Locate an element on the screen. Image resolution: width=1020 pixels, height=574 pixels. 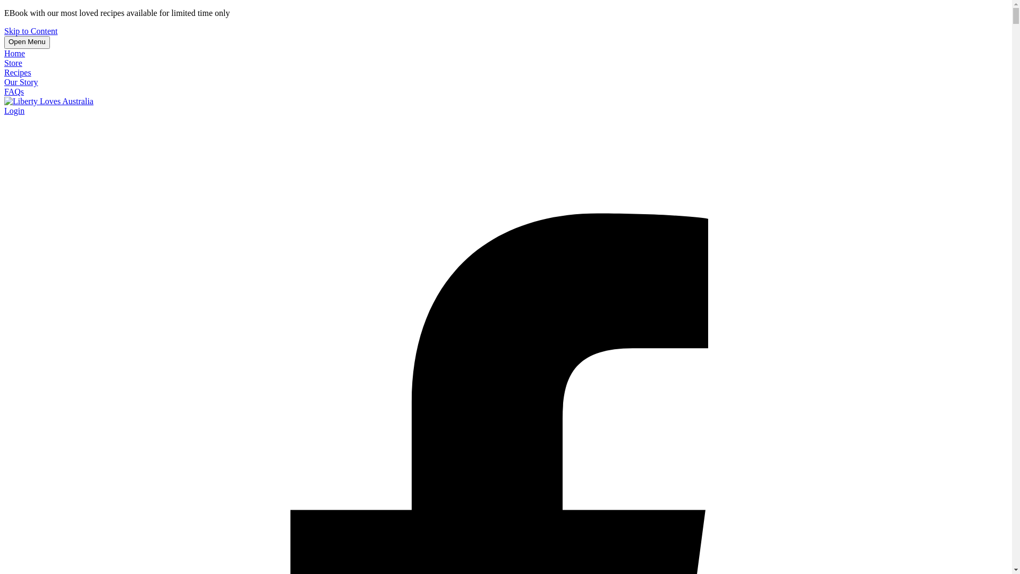
'Recipes' is located at coordinates (18, 72).